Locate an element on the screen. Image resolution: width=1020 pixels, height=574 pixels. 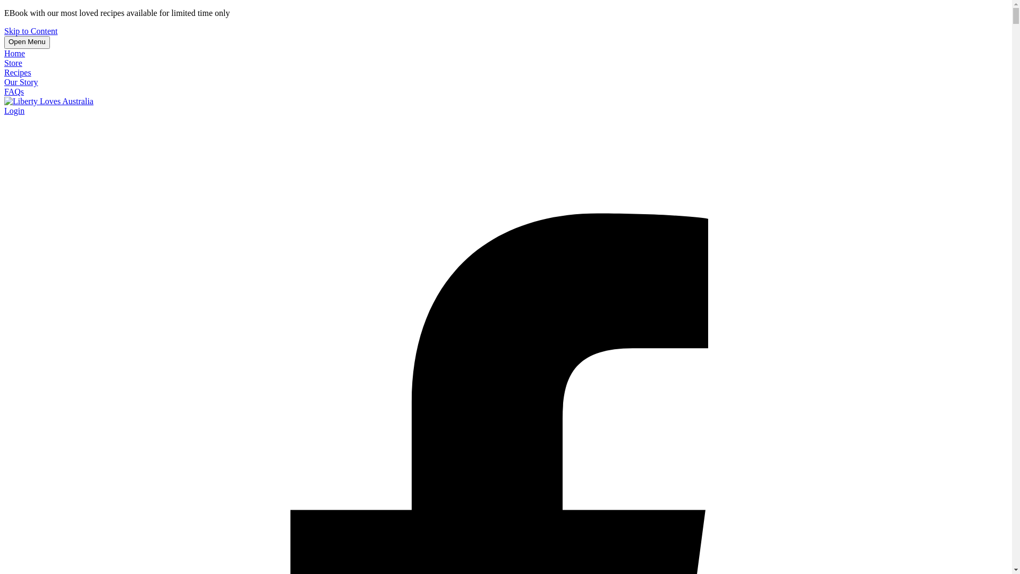
'Recipes' is located at coordinates (18, 72).